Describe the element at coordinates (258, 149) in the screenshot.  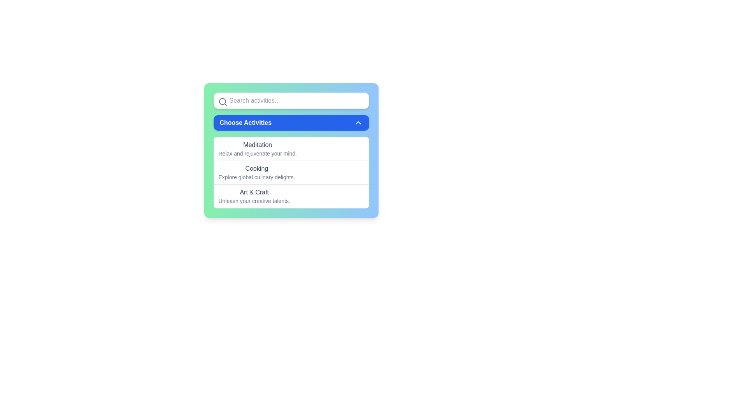
I see `the first selectable item in the list titled 'Meditation'` at that location.